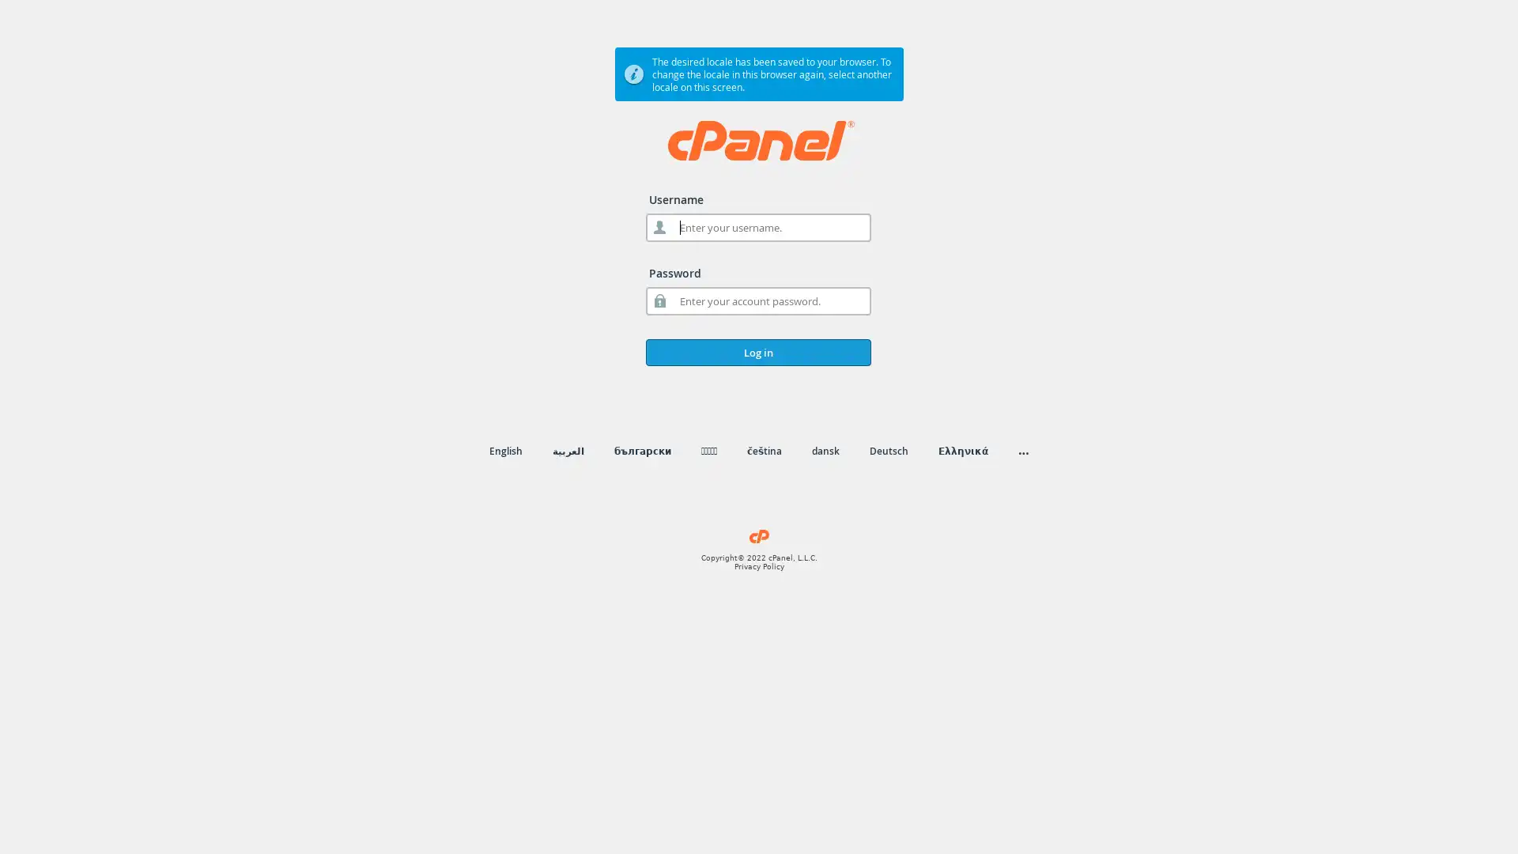 The image size is (1518, 854). Describe the element at coordinates (757, 352) in the screenshot. I see `Log in` at that location.